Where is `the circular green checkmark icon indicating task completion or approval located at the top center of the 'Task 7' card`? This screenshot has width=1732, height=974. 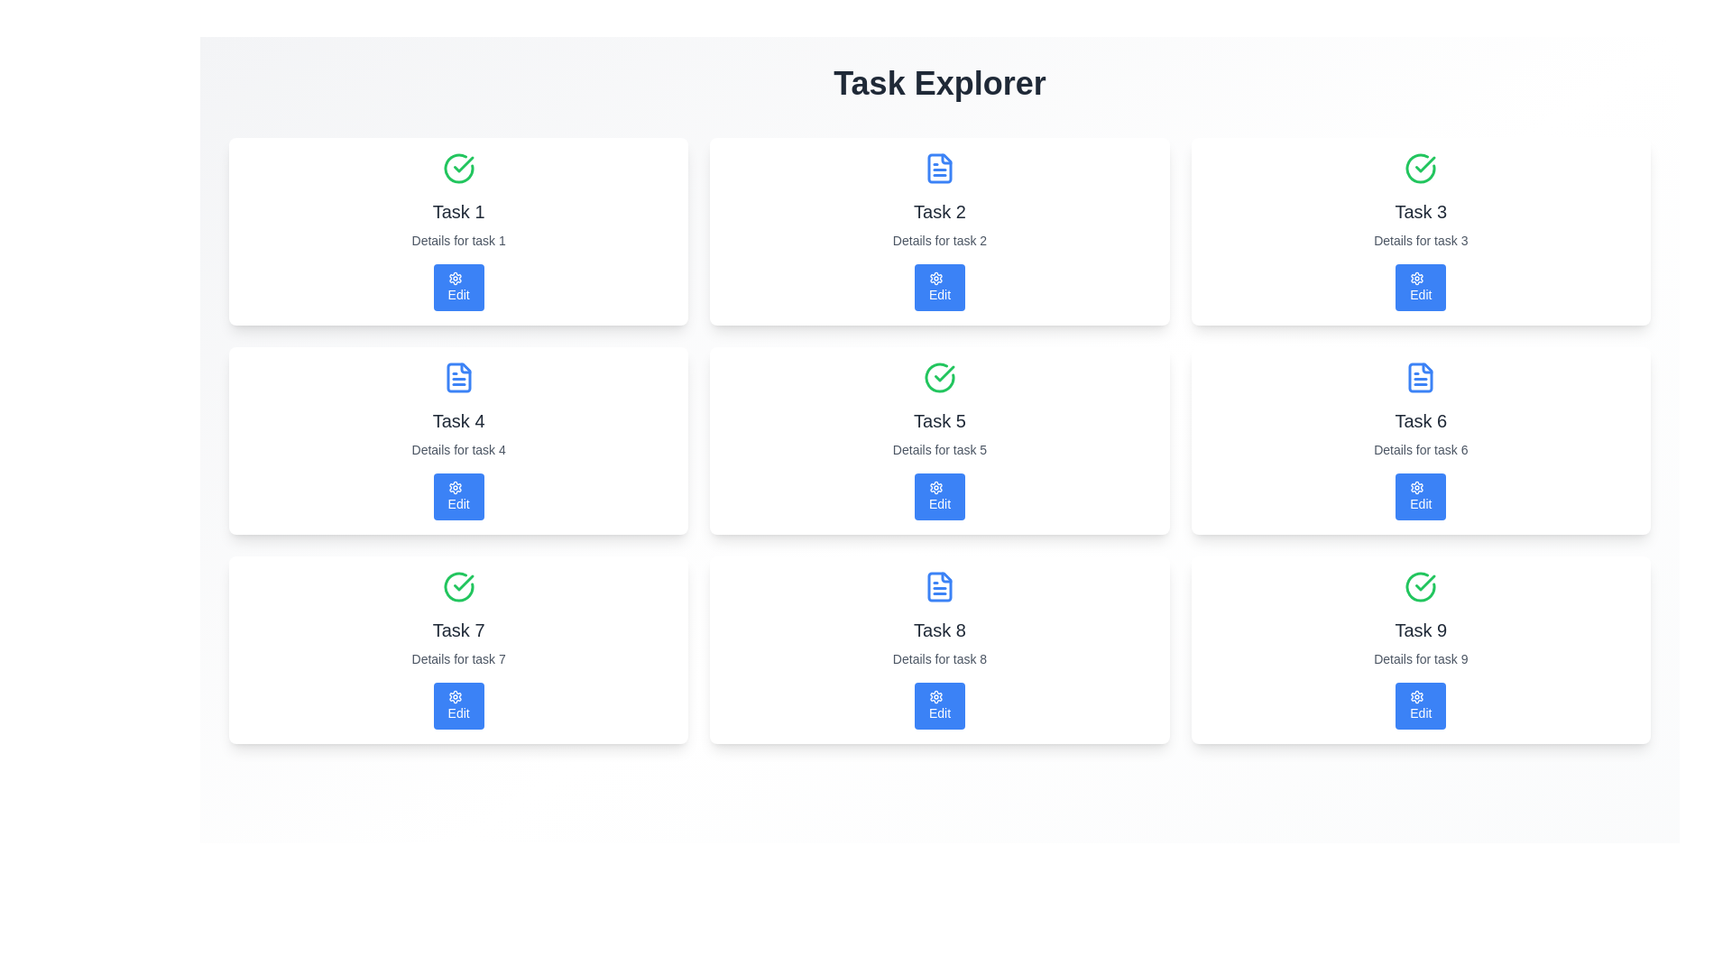
the circular green checkmark icon indicating task completion or approval located at the top center of the 'Task 7' card is located at coordinates (458, 587).